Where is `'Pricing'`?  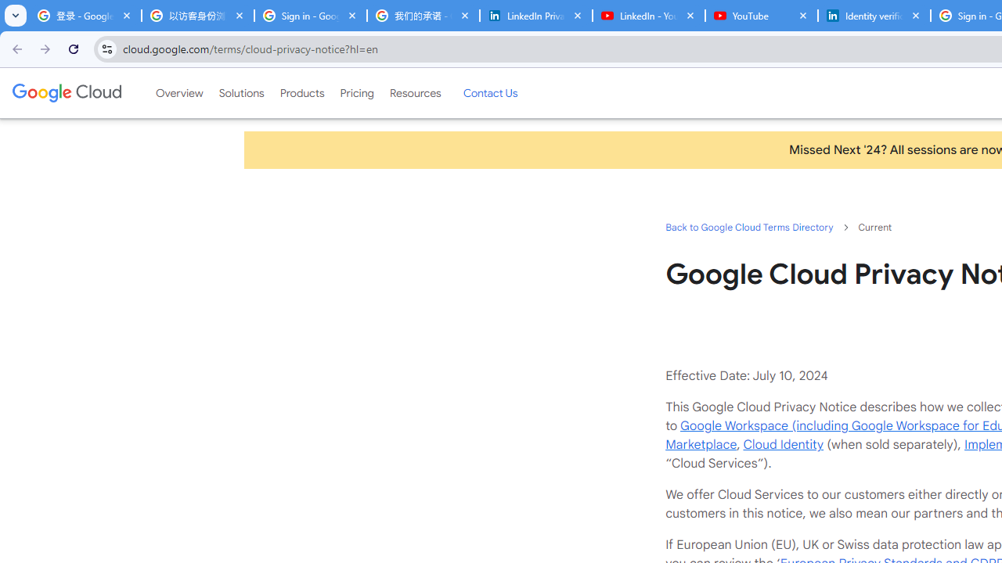 'Pricing' is located at coordinates (355, 93).